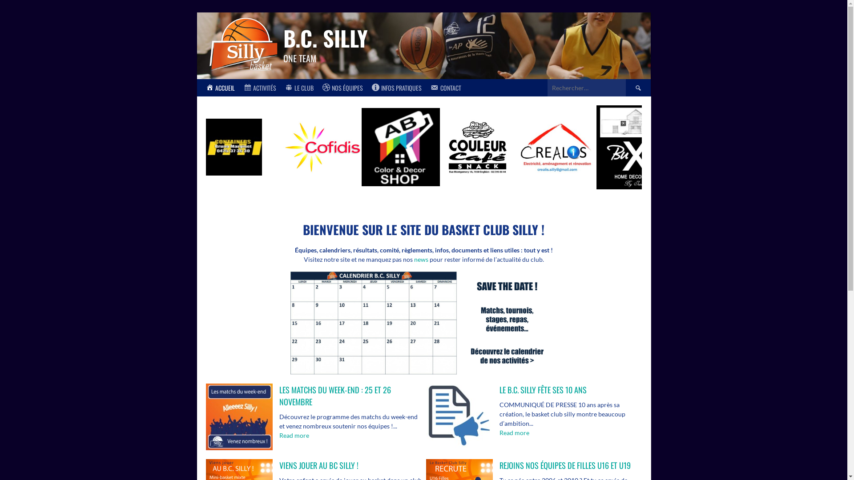  What do you see at coordinates (334, 395) in the screenshot?
I see `'LES MATCHS DU WEEK-END : 25 ET 26 NOVEMBRE'` at bounding box center [334, 395].